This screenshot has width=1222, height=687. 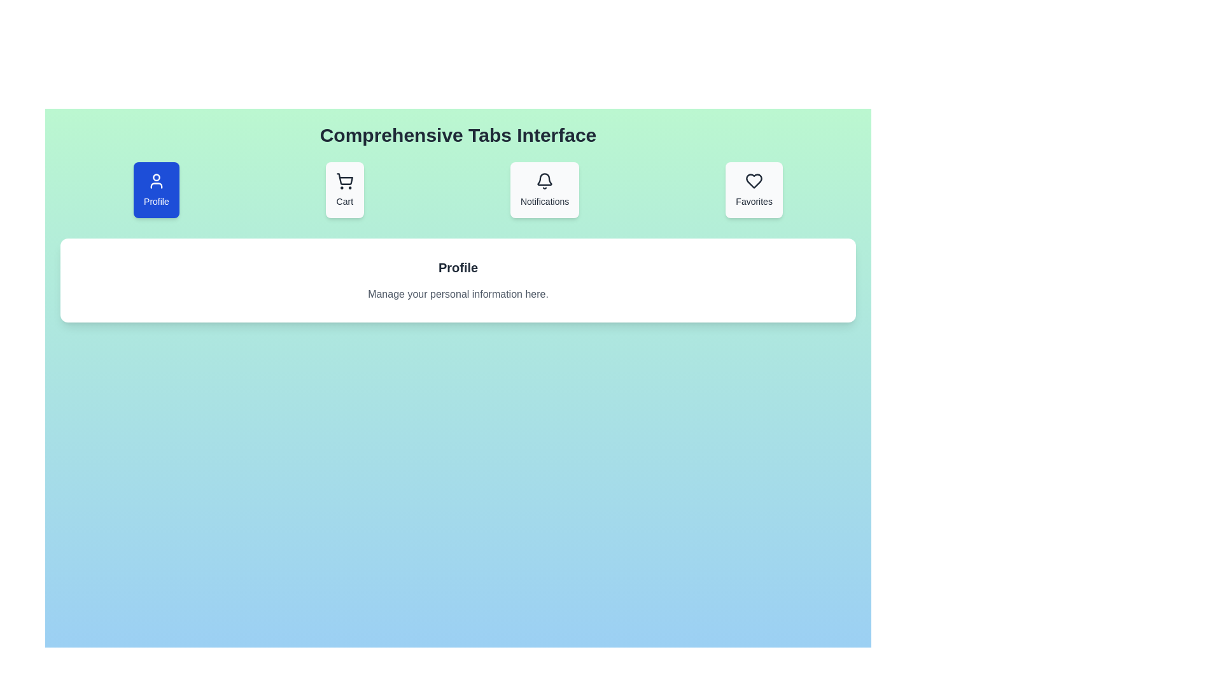 I want to click on the Notifications Button, which is the third button in a horizontal row of four buttons, so click(x=545, y=190).